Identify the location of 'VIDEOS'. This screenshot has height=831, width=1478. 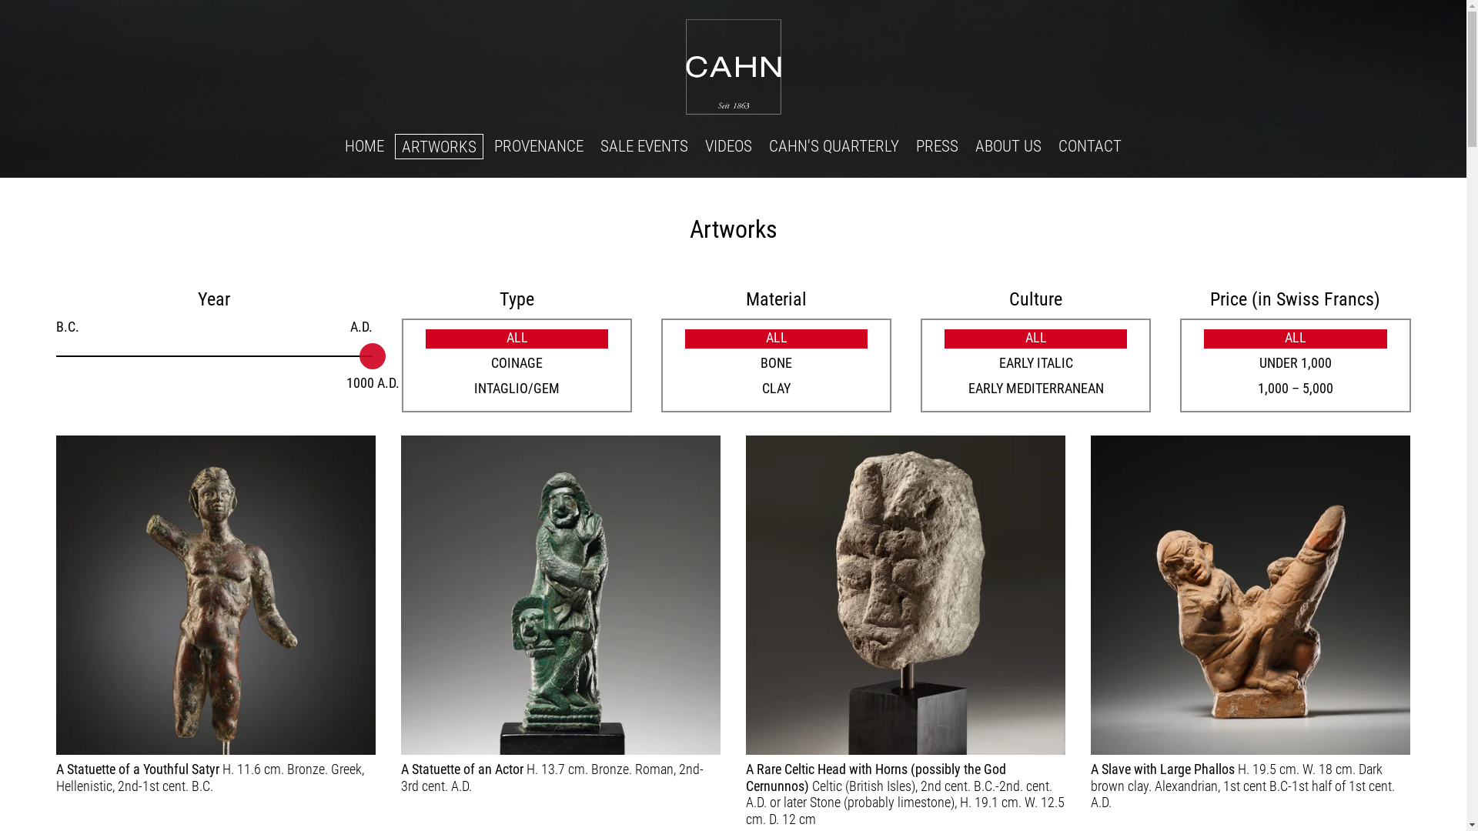
(697, 146).